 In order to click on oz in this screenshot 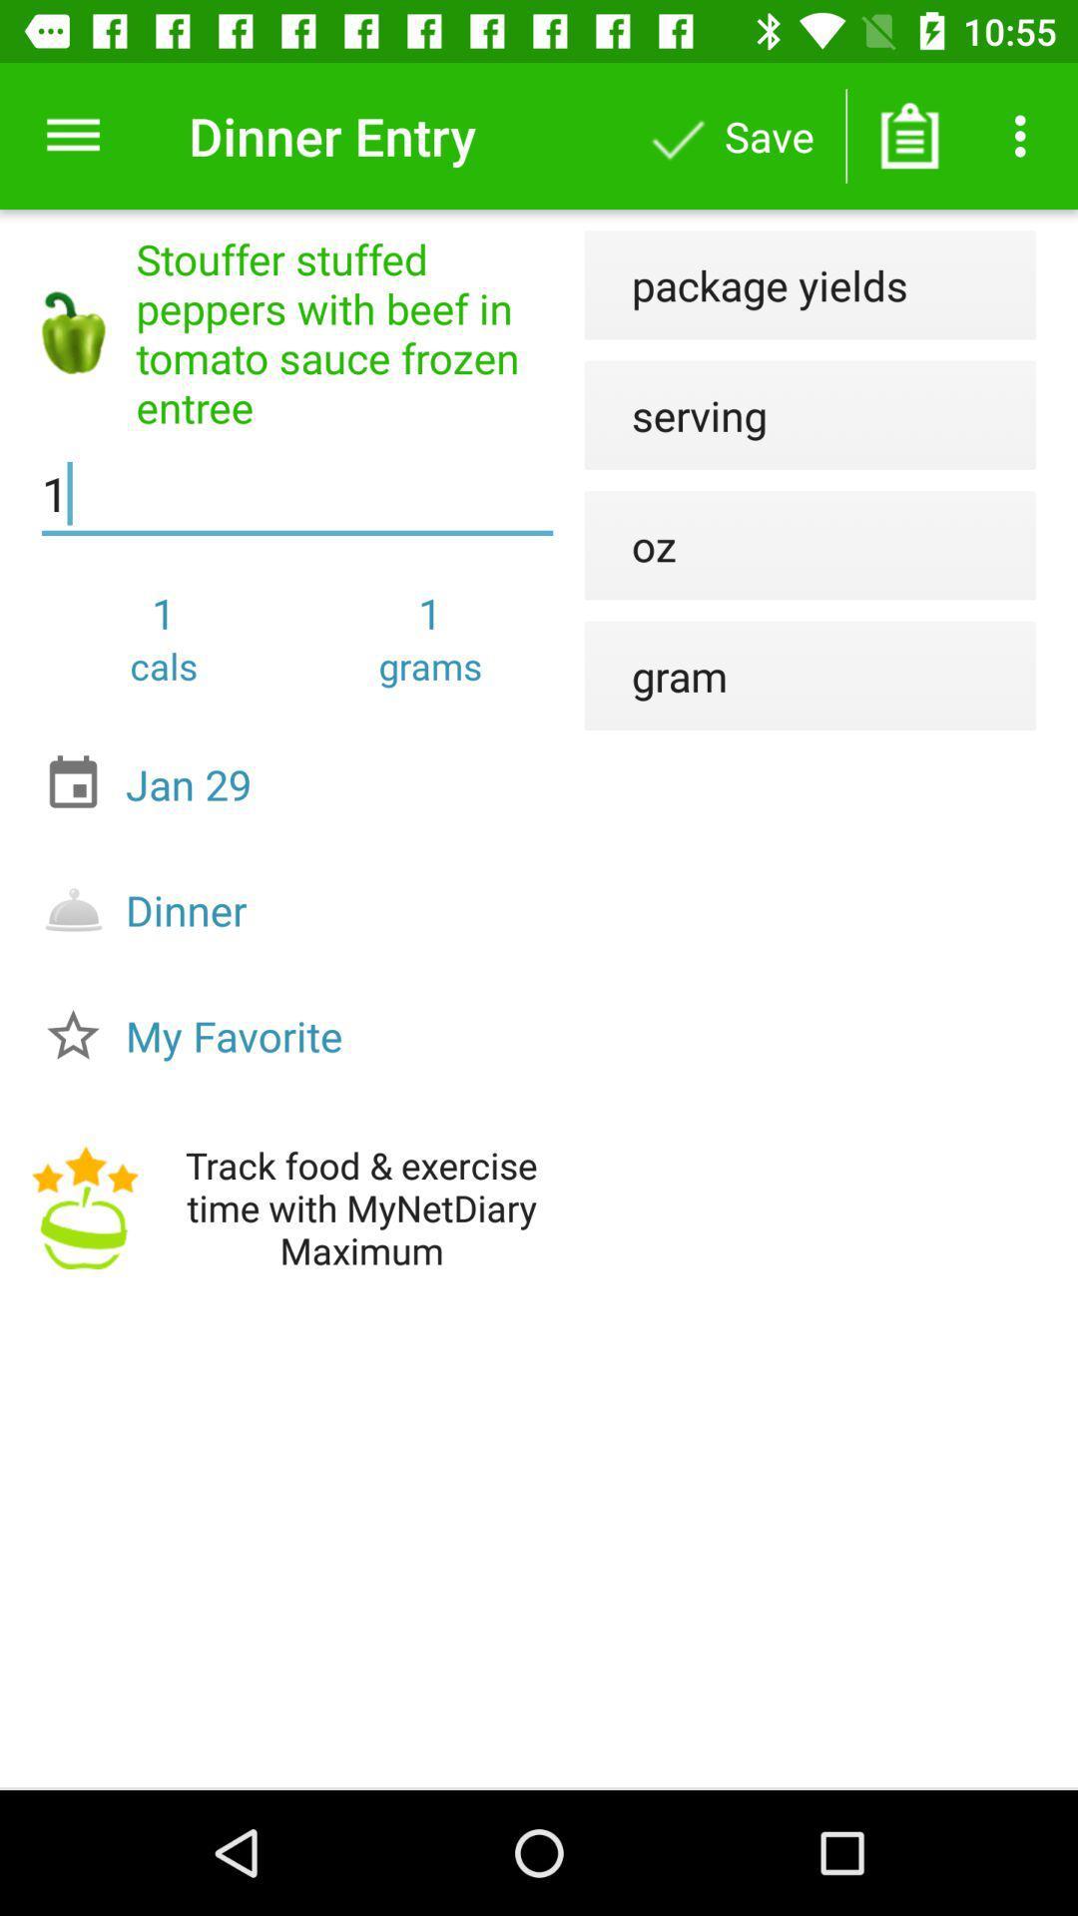, I will do `click(630, 545)`.